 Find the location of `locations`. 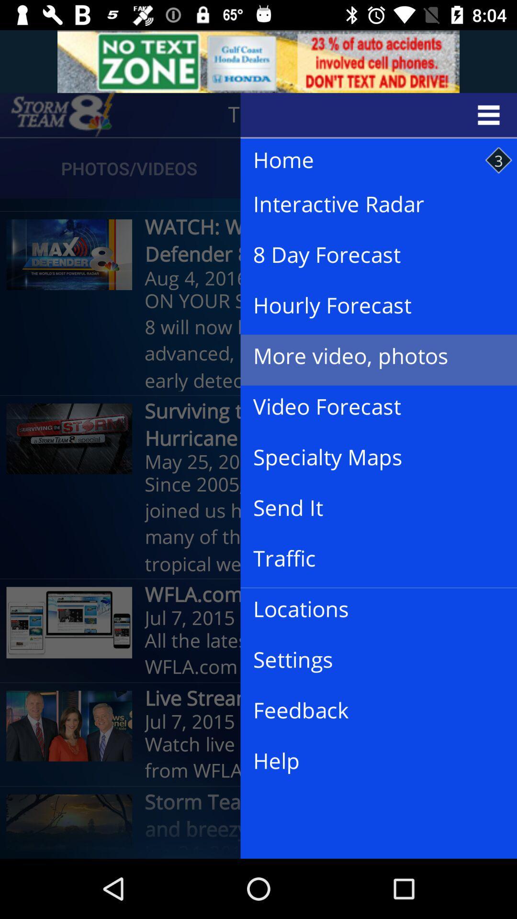

locations is located at coordinates (371, 609).